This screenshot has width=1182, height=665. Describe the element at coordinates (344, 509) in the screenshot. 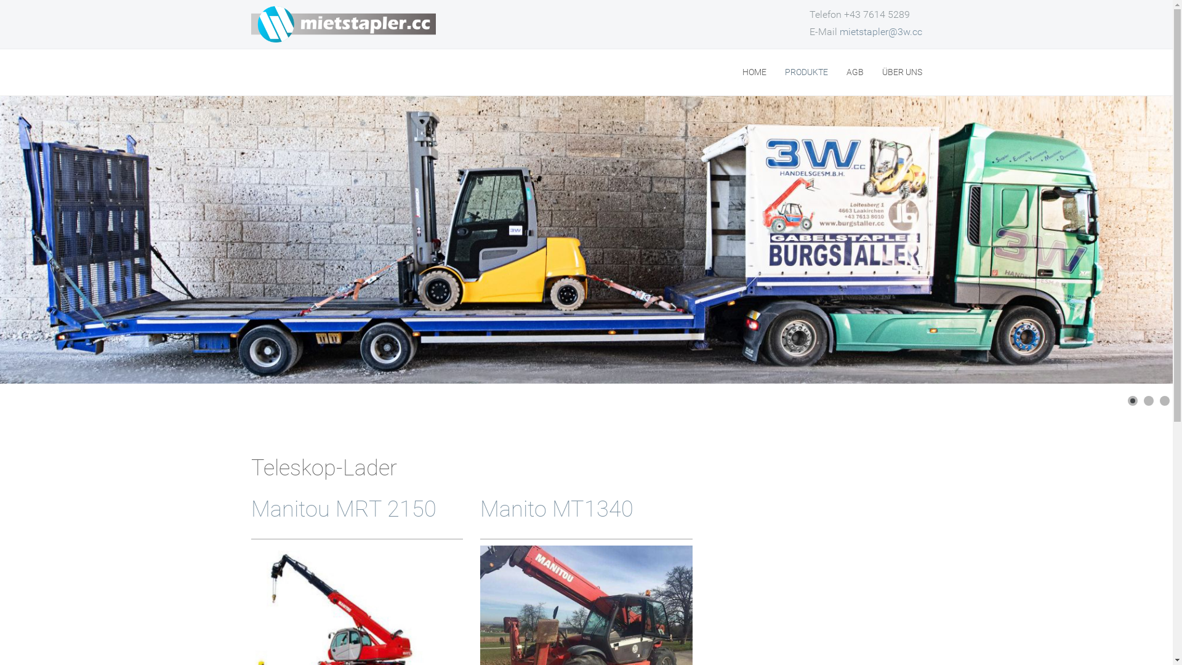

I see `'Manitou MRT 2150'` at that location.